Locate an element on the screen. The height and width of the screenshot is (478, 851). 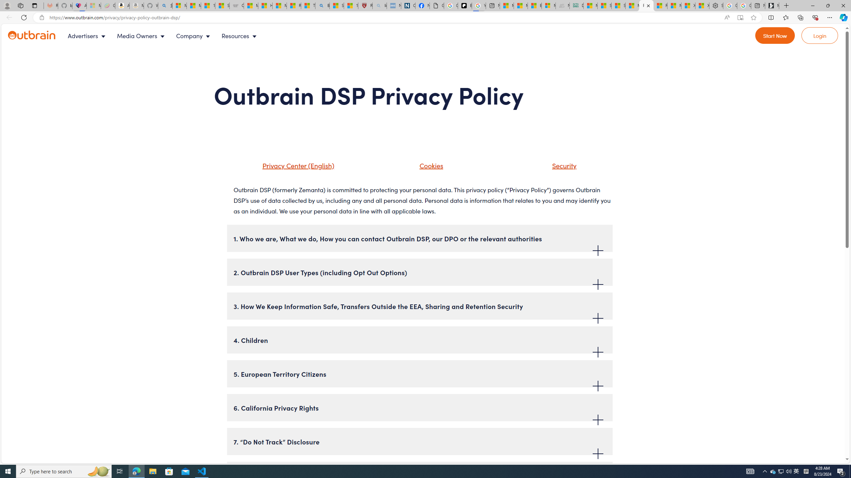
'Media Owners' is located at coordinates (142, 36).